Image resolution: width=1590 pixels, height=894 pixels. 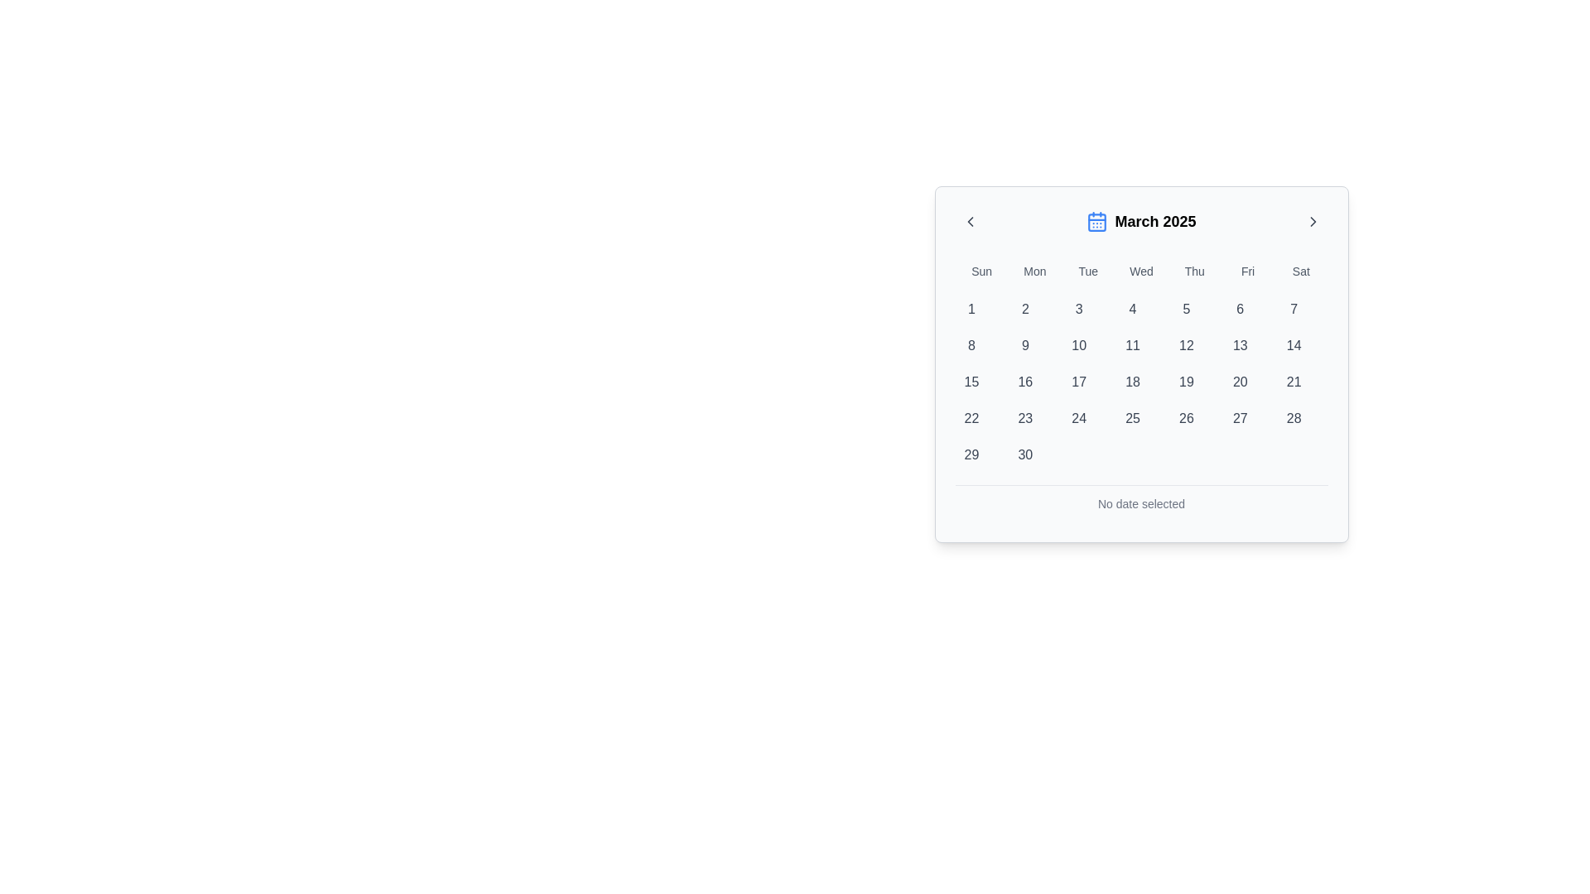 What do you see at coordinates (1140, 503) in the screenshot?
I see `the label displaying 'No date selected' which is styled in gray and located at the bottom of the calendar interface` at bounding box center [1140, 503].